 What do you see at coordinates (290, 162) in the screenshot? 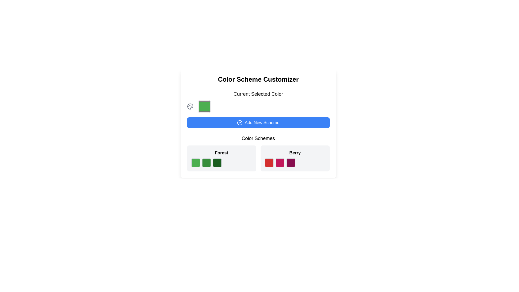
I see `the third color swatch from the left under the 'Berry' label in the 'Color Schemes' section to navigate to the color option` at bounding box center [290, 162].